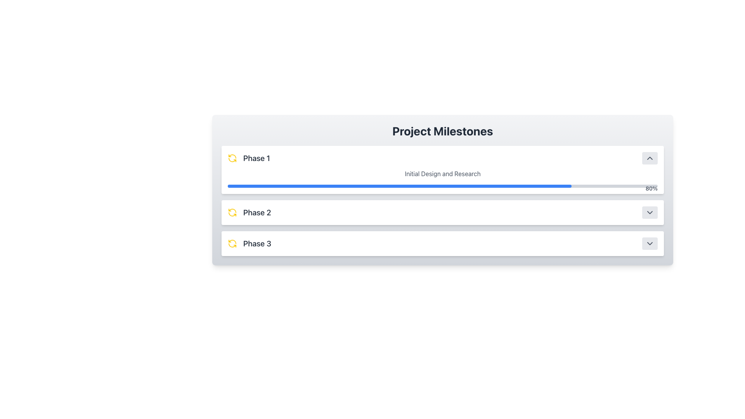  I want to click on the filled portion of the progress bar indicating 'Phase 1' in the 'Project Milestones' interface, which is a blue rectangular bar with rounded corners, so click(400, 186).